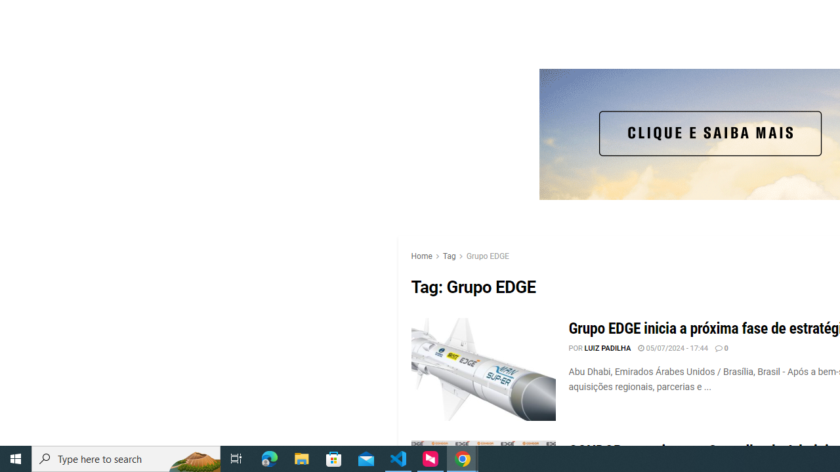  What do you see at coordinates (487, 256) in the screenshot?
I see `'Grupo EDGE'` at bounding box center [487, 256].